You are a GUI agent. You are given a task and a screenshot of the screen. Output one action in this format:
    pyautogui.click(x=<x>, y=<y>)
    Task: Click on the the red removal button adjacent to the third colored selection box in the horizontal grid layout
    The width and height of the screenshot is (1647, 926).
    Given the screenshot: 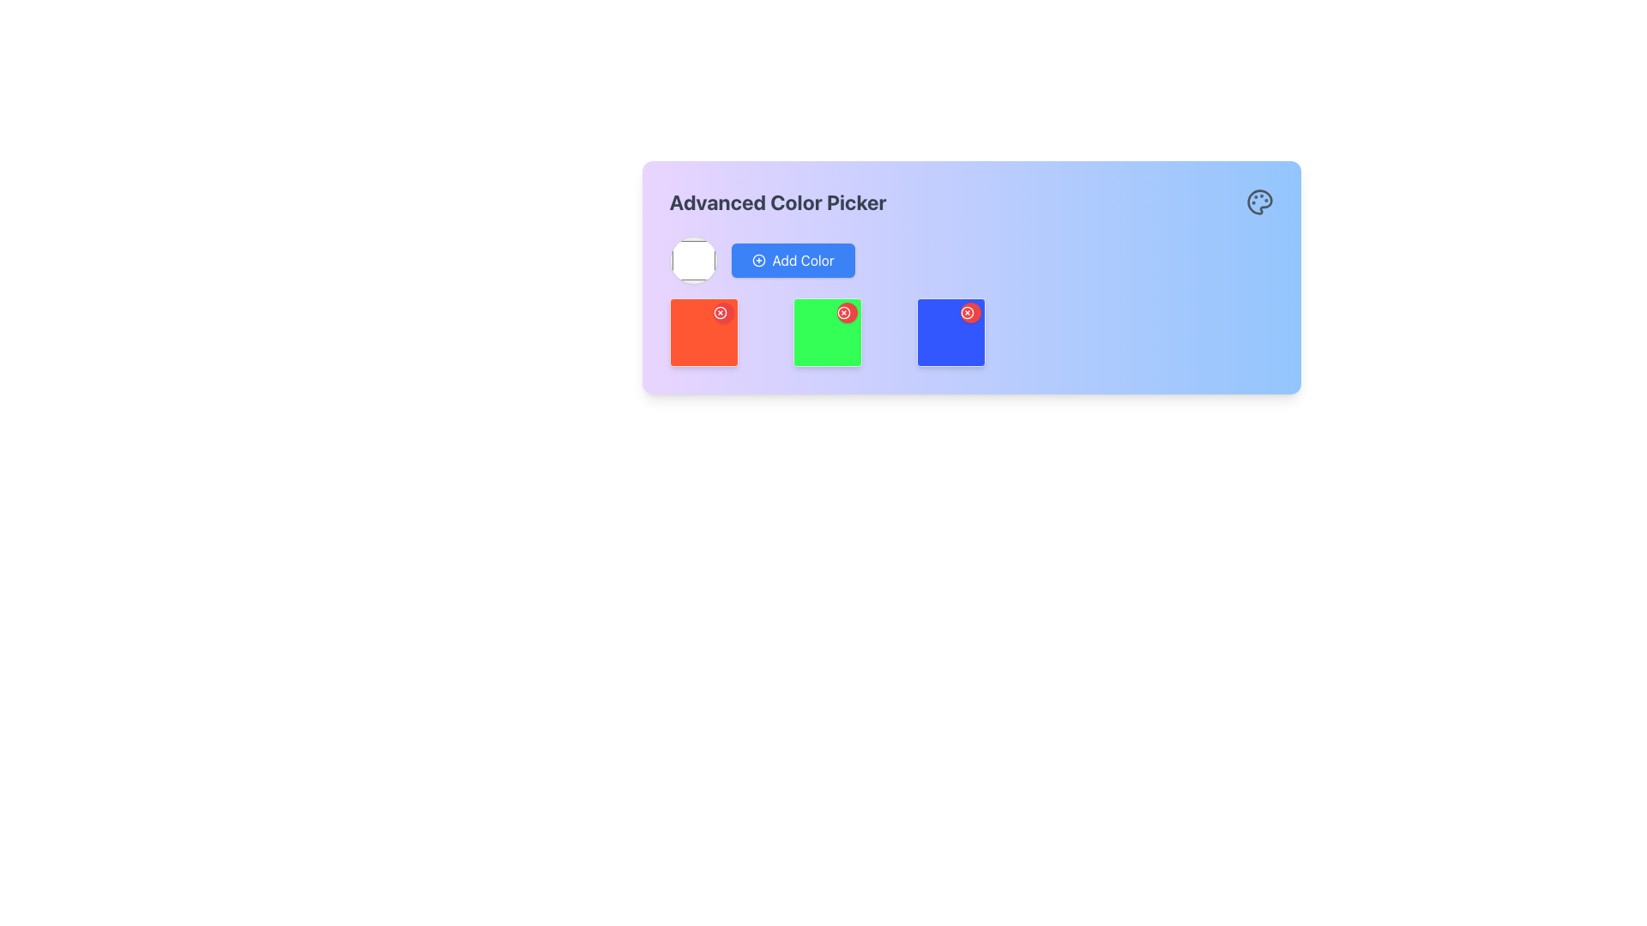 What is the action you would take?
    pyautogui.click(x=971, y=333)
    